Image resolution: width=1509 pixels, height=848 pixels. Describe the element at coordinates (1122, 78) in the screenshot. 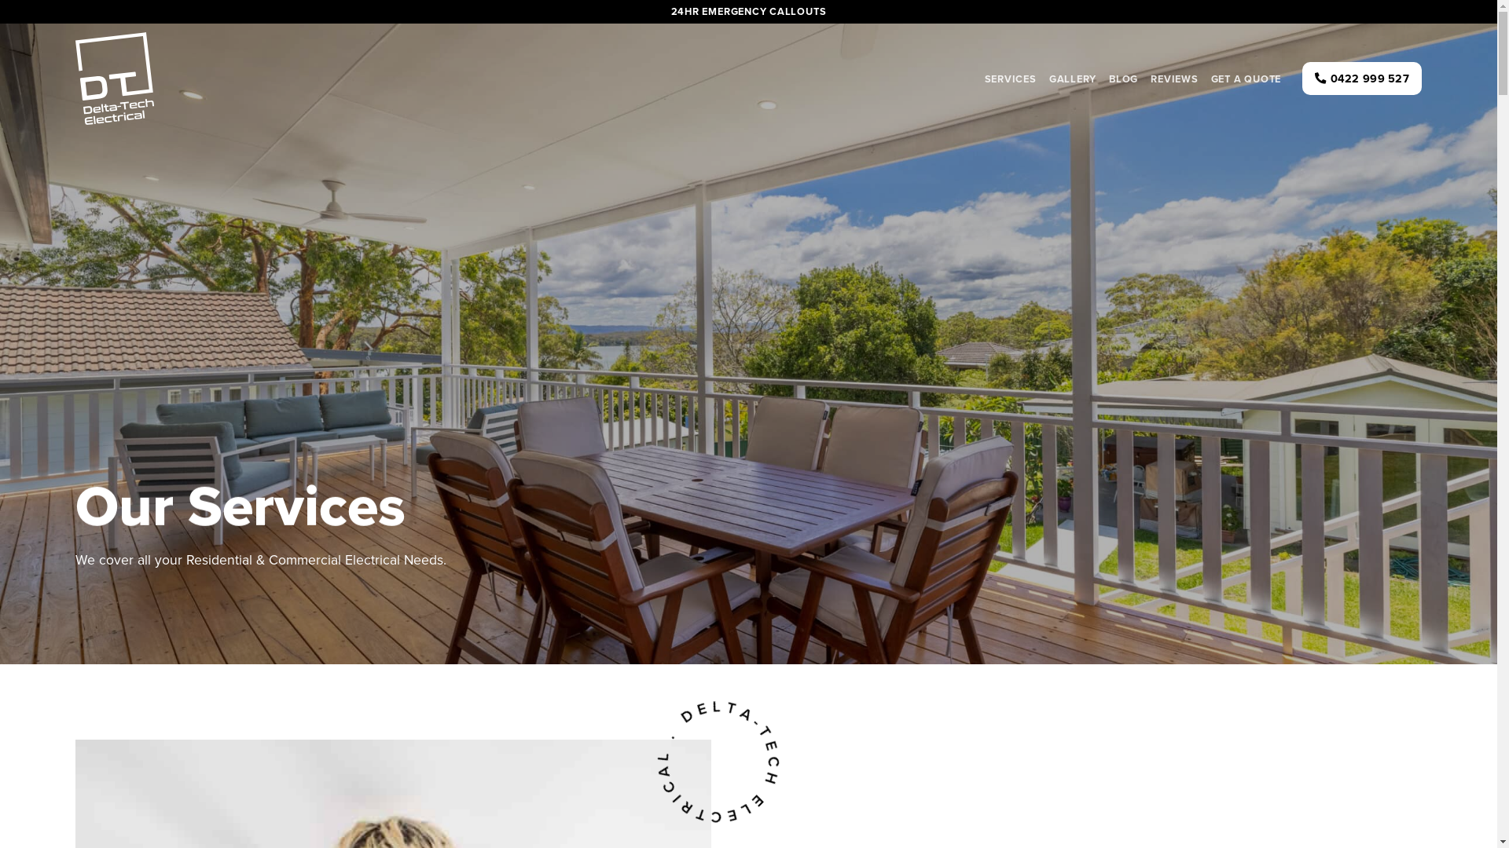

I see `'BLOG'` at that location.